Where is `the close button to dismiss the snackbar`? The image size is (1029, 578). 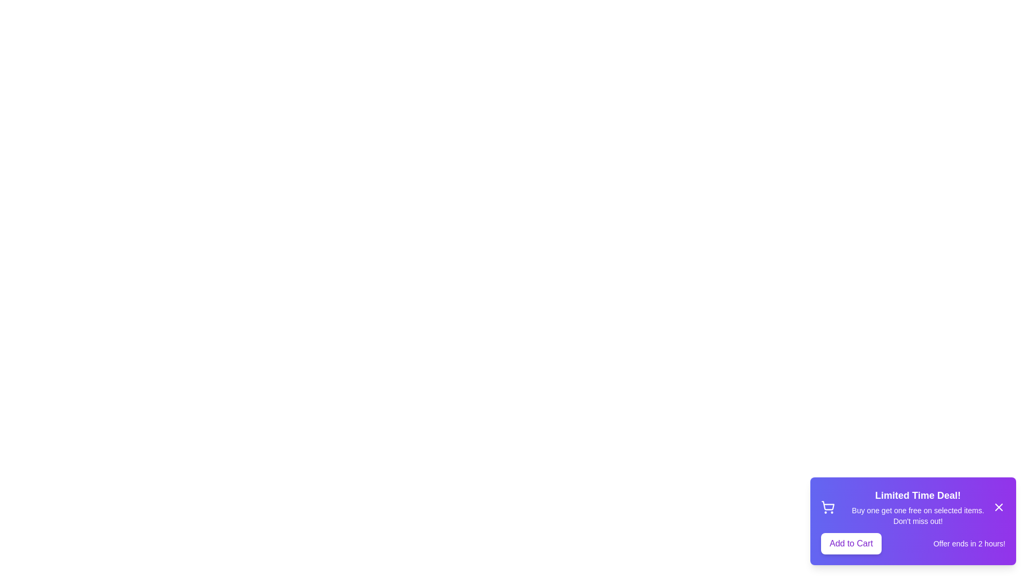
the close button to dismiss the snackbar is located at coordinates (998, 507).